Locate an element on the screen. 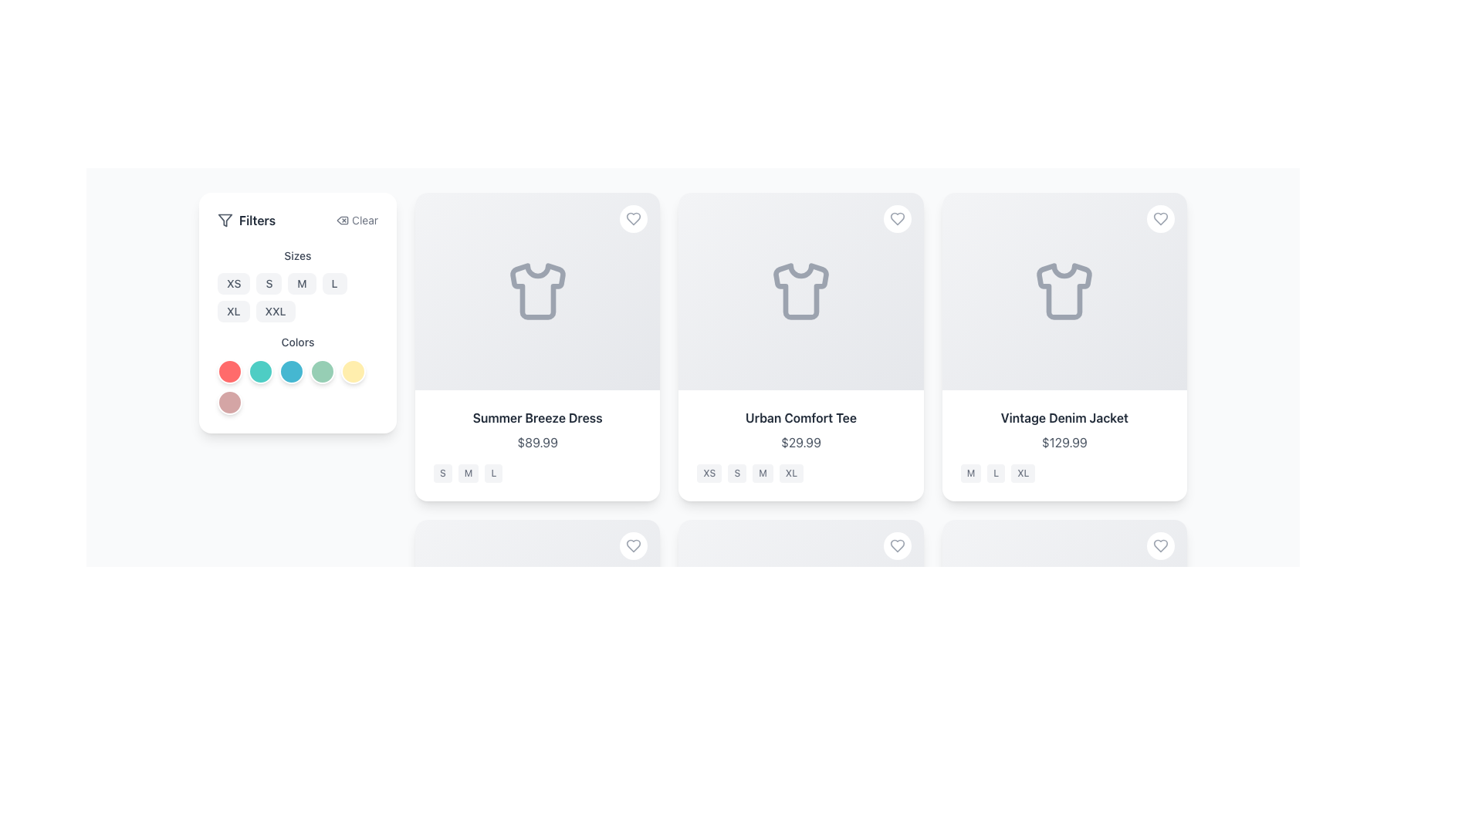  the second color selection button located under the 'Colors' label in the filter sidebar is located at coordinates (260, 372).